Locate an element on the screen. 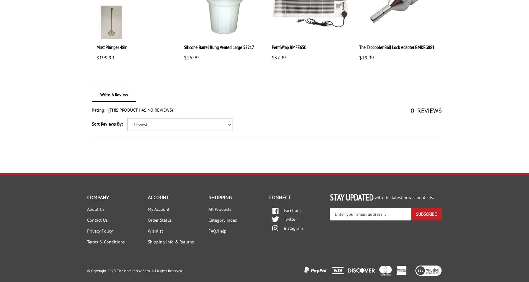  'ACCOUNT' is located at coordinates (158, 197).